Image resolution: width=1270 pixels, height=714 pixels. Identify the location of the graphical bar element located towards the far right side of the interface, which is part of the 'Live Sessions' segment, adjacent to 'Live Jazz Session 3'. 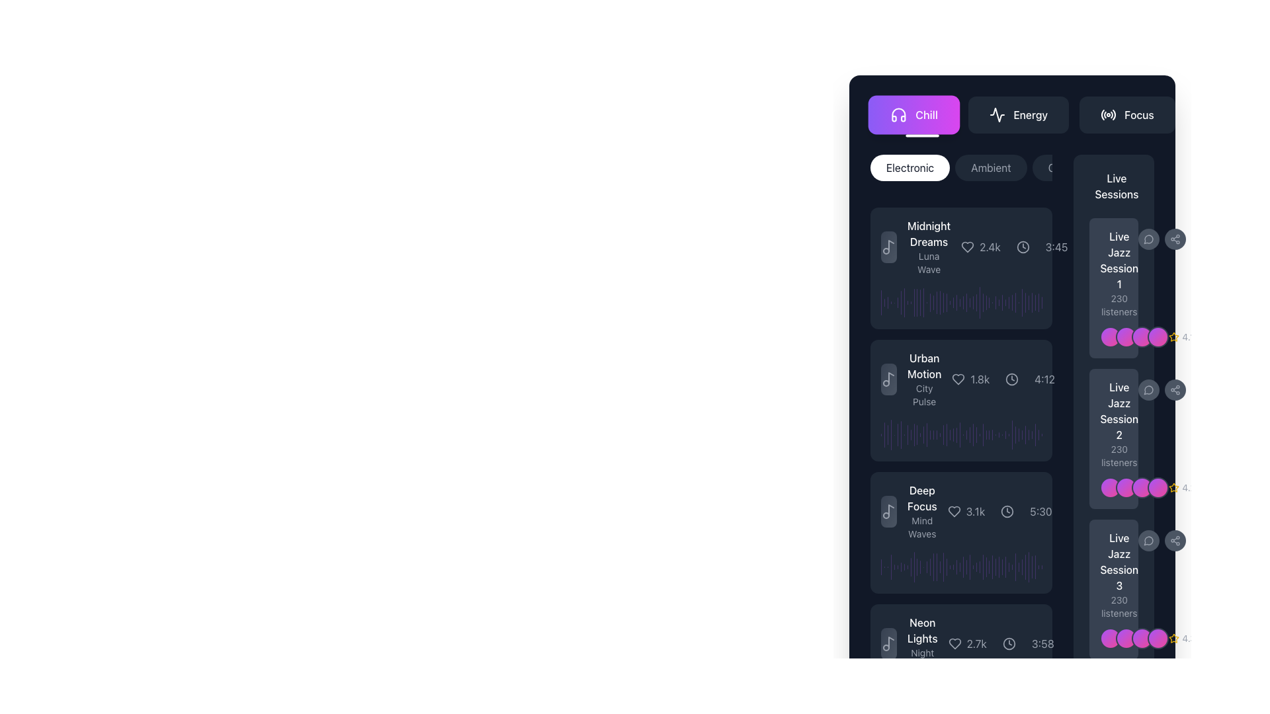
(1018, 698).